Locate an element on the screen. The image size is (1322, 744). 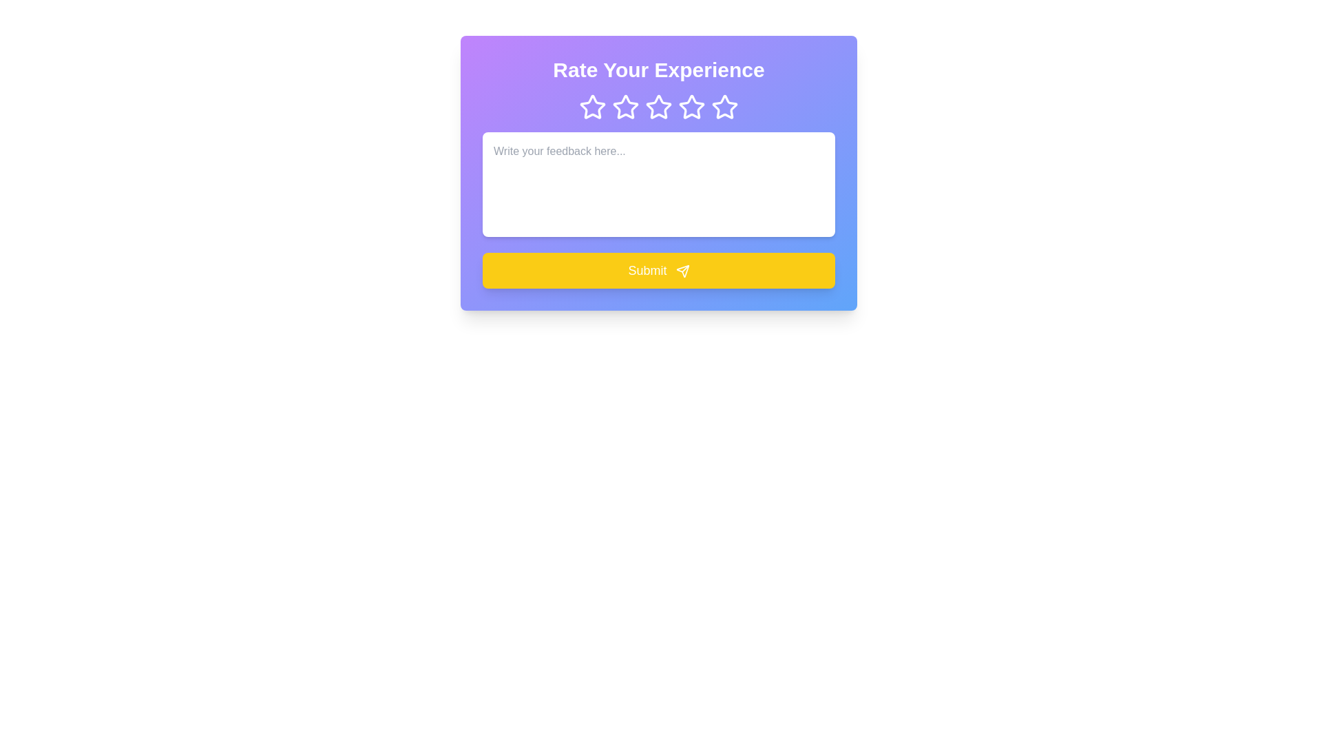
SVG icon representing the submission action located at the right-hand side of the 'Submit' button for accessibility purposes is located at coordinates (682, 271).